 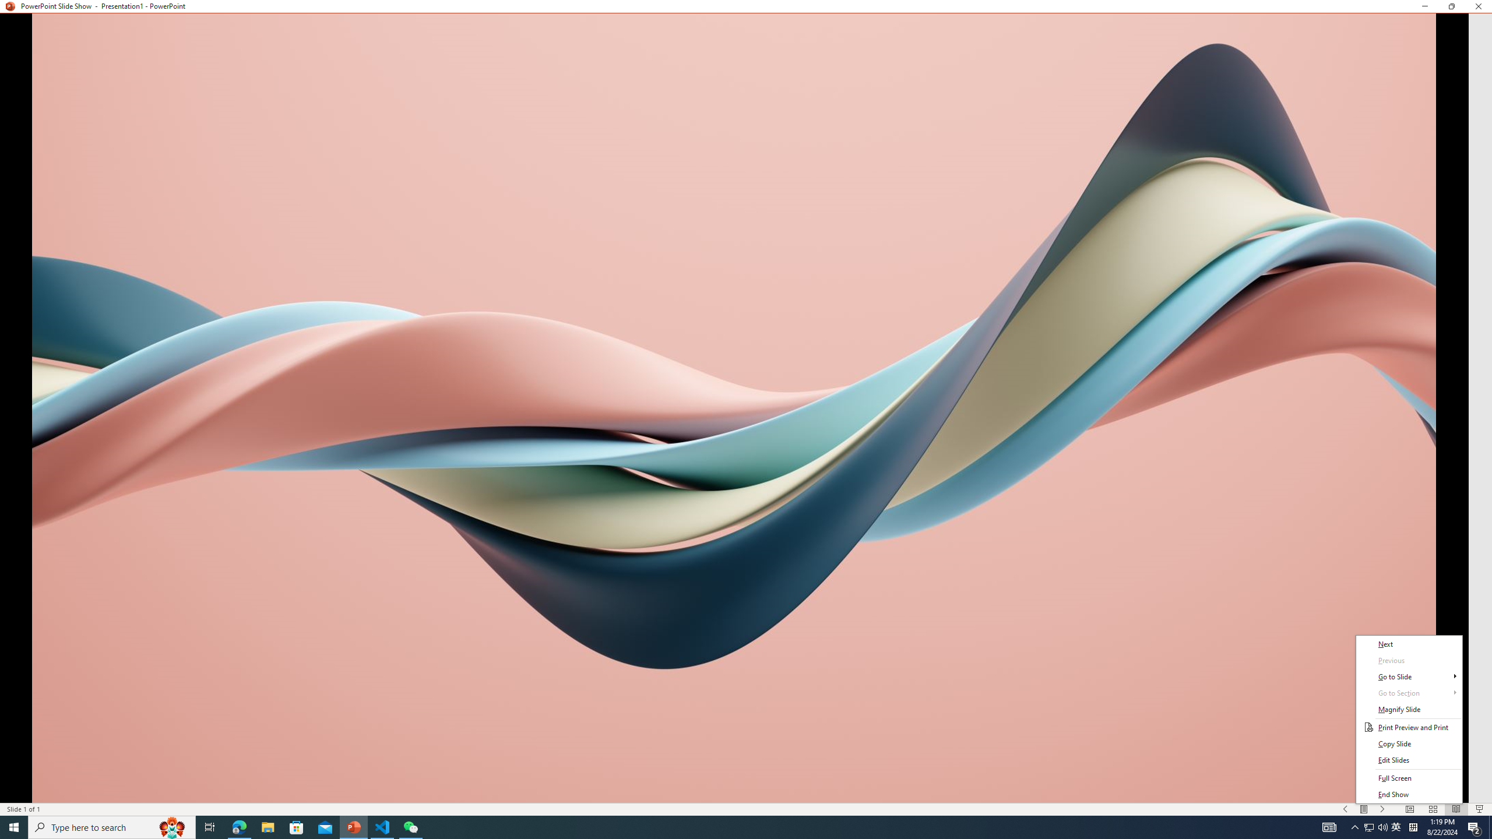 I want to click on 'Copy Slide', so click(x=1409, y=743).